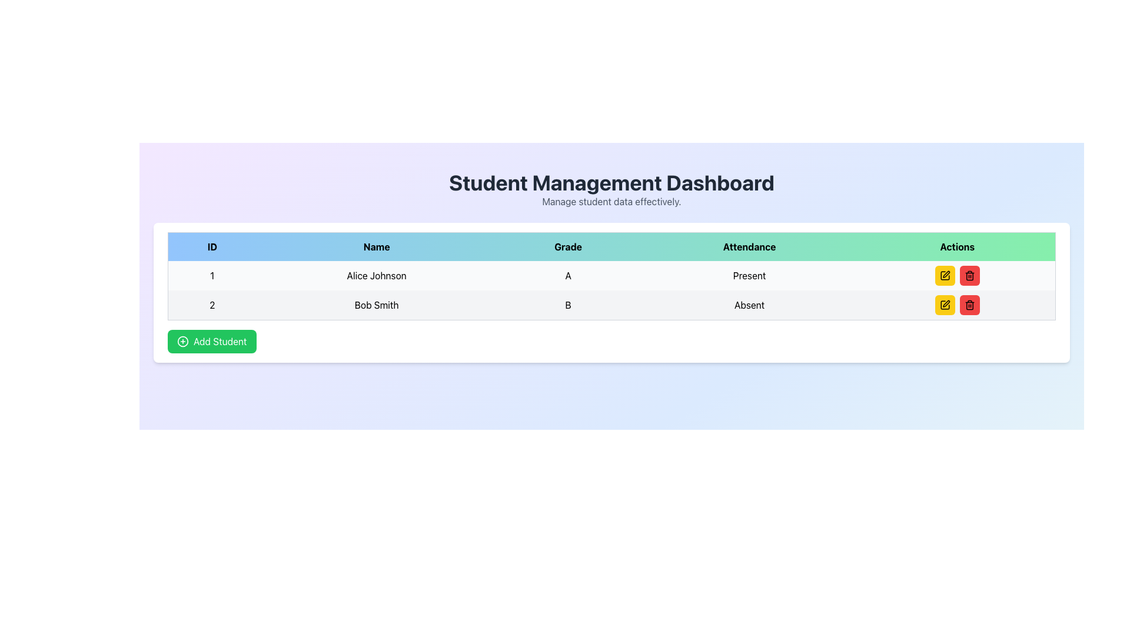 The height and width of the screenshot is (635, 1130). Describe the element at coordinates (945, 276) in the screenshot. I see `the small pencil icon button with a yellow background located in the second row of the 'Actions' column` at that location.